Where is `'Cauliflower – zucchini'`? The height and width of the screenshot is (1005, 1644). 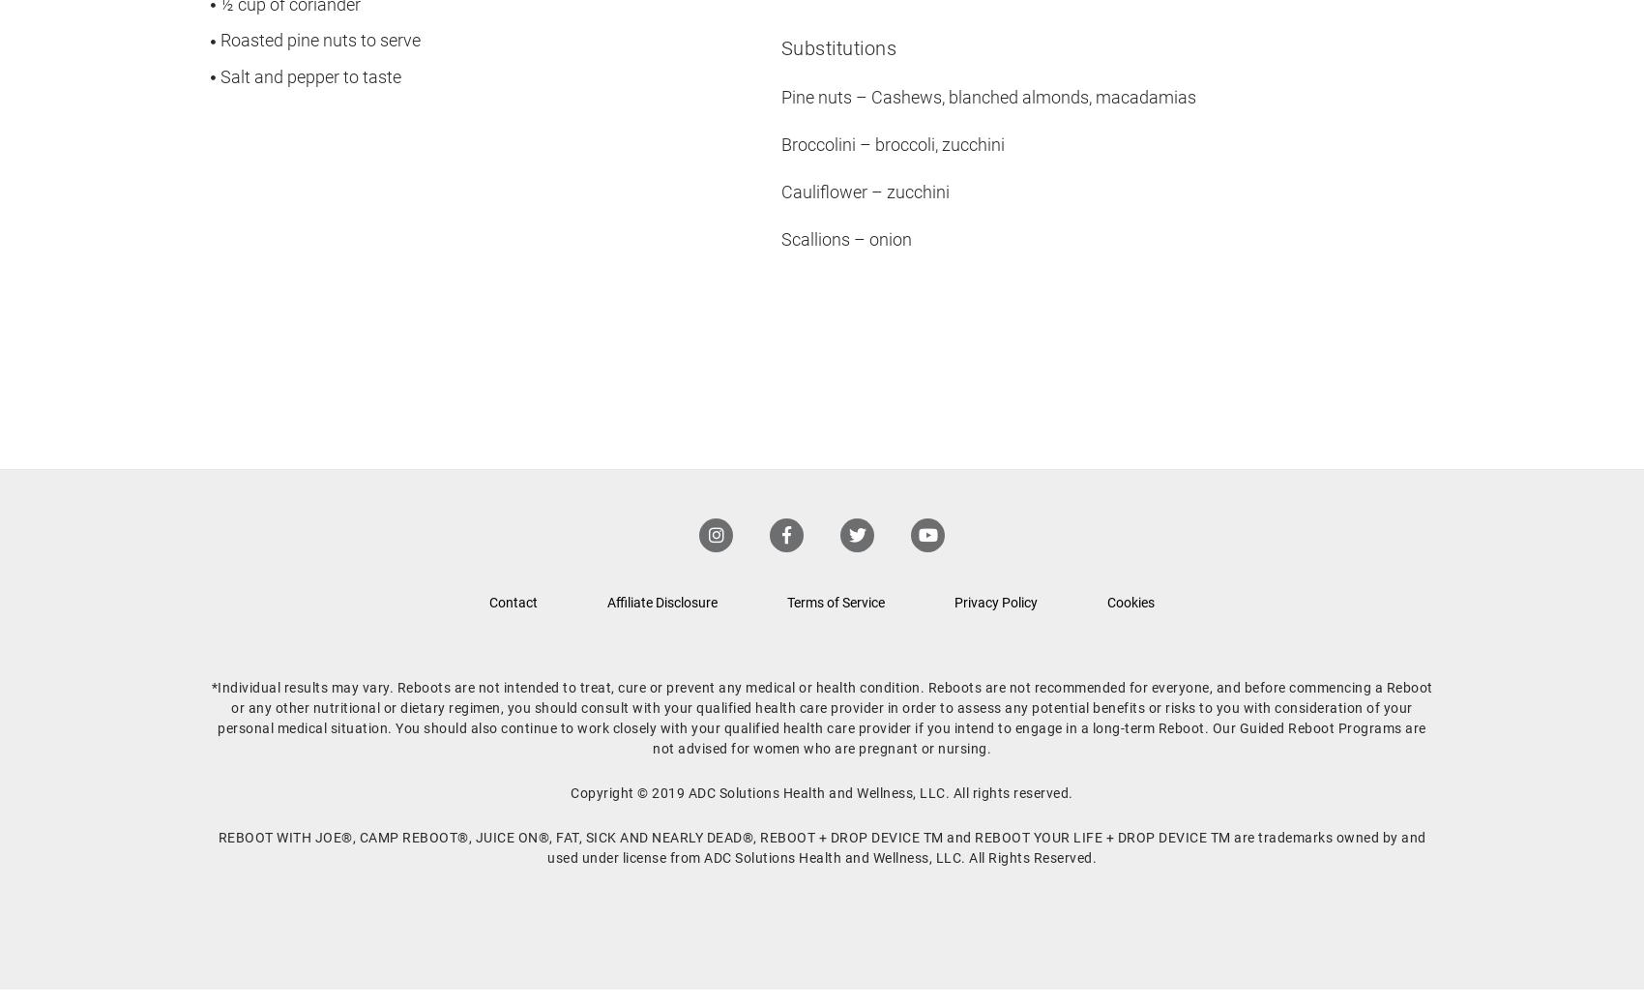
'Cauliflower – zucchini' is located at coordinates (865, 191).